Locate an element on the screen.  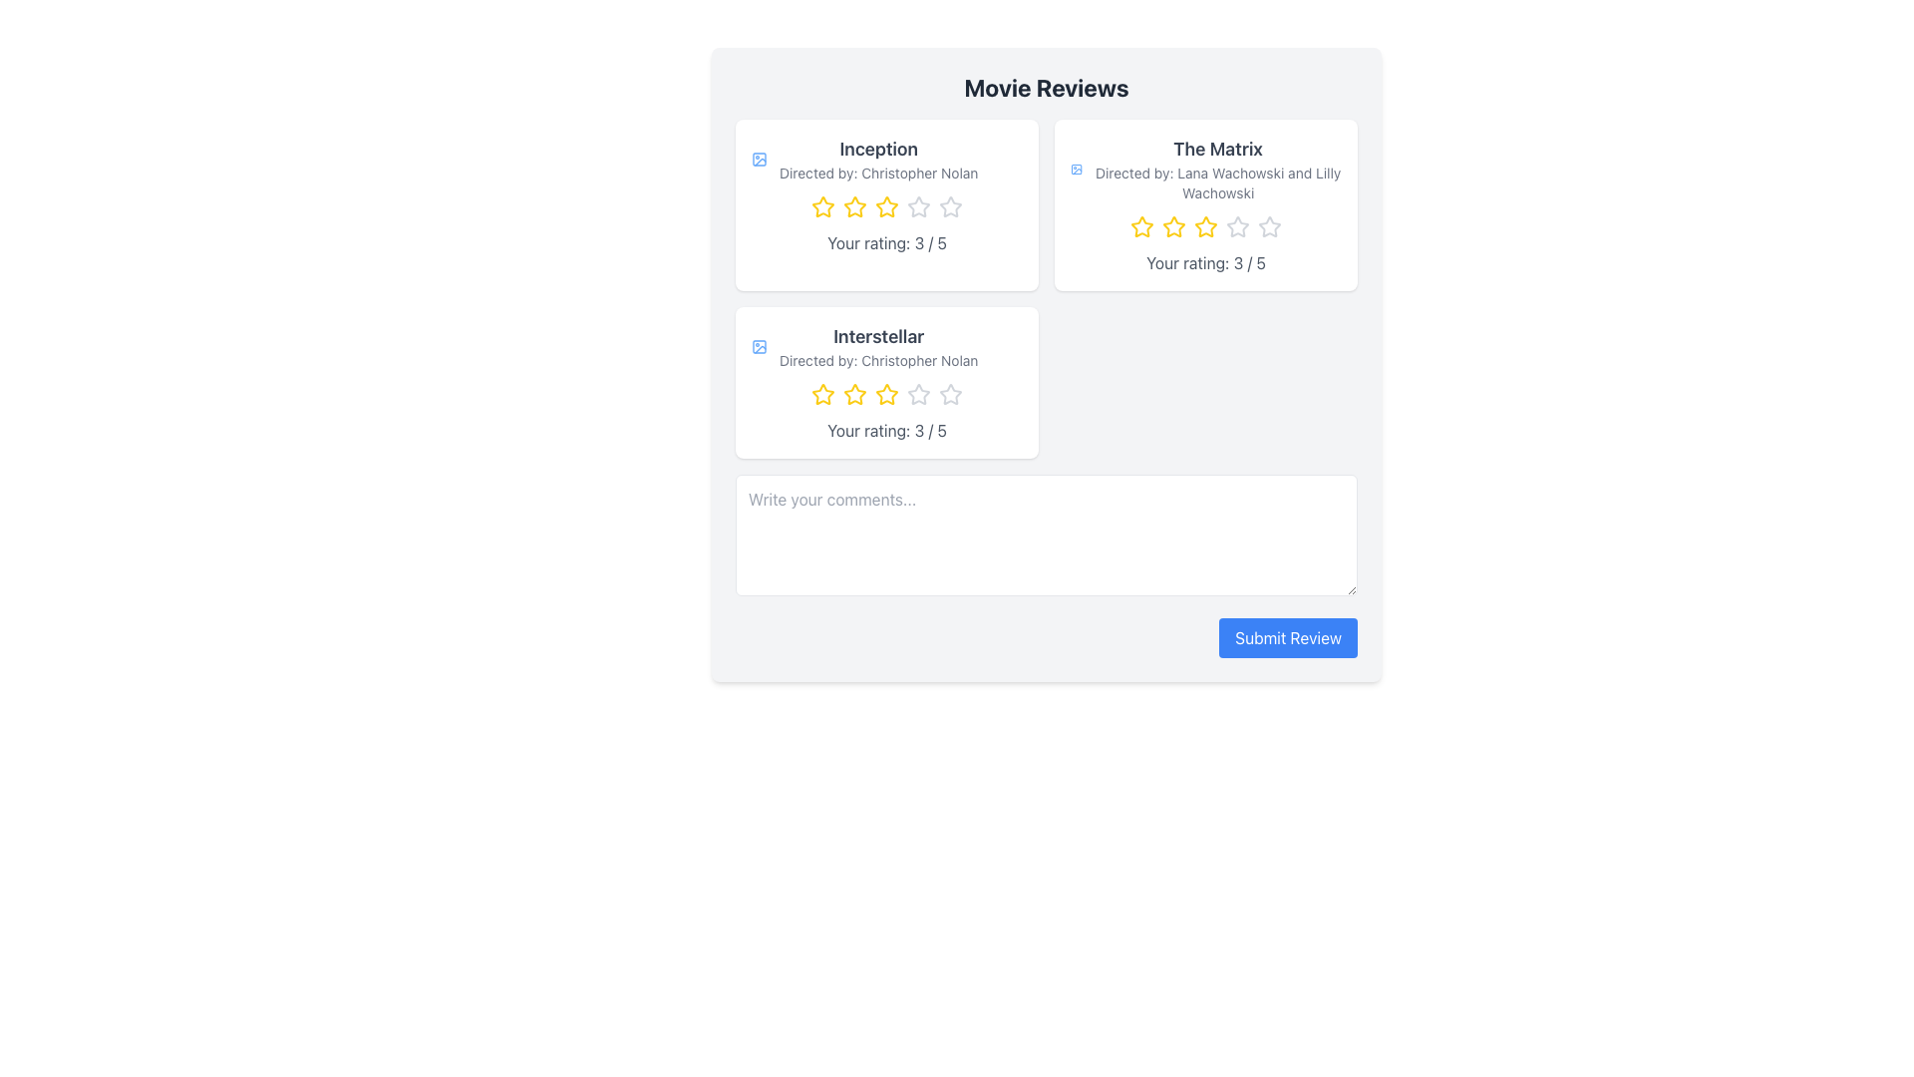
the glowing yellow star icon used for ratings, which is the first of five stars in the 'The Matrix' section of the review interface is located at coordinates (1142, 225).